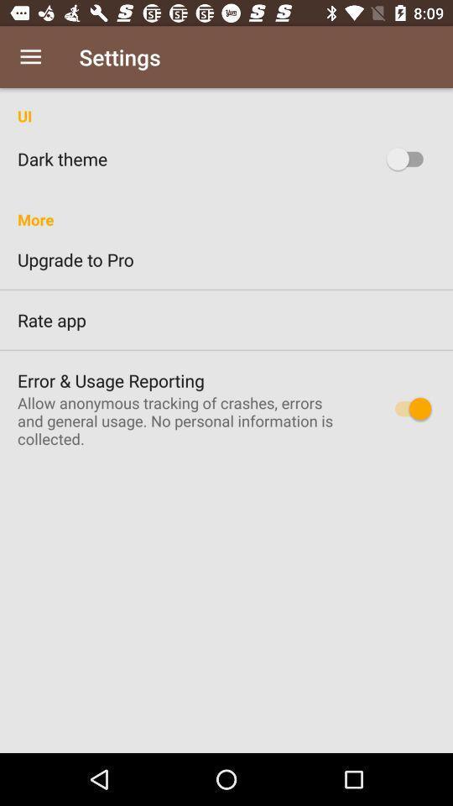 The image size is (453, 806). What do you see at coordinates (30, 57) in the screenshot?
I see `the icon next to the settings` at bounding box center [30, 57].